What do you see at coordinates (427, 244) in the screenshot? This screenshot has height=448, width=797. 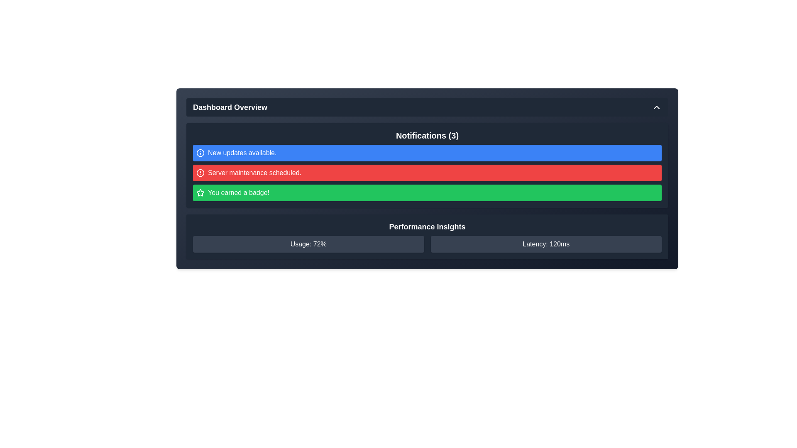 I see `displayed information from the Information display component located in the 'Performance Insights' section, which shows 'Usage: 72%' and 'Latency: 120ms'` at bounding box center [427, 244].